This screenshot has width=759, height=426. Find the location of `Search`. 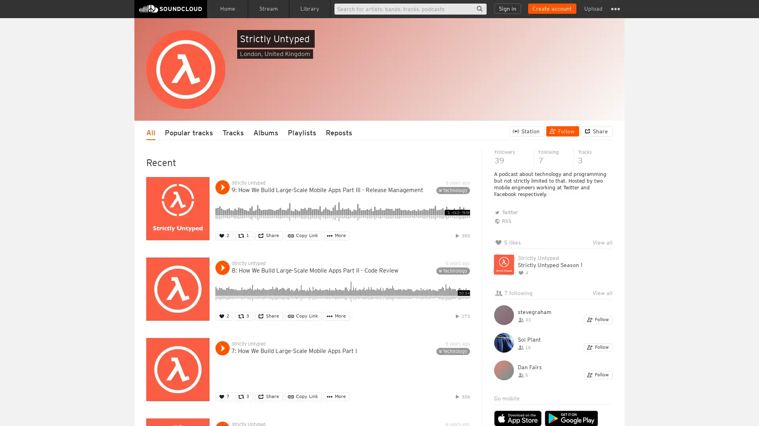

Search is located at coordinates (479, 9).